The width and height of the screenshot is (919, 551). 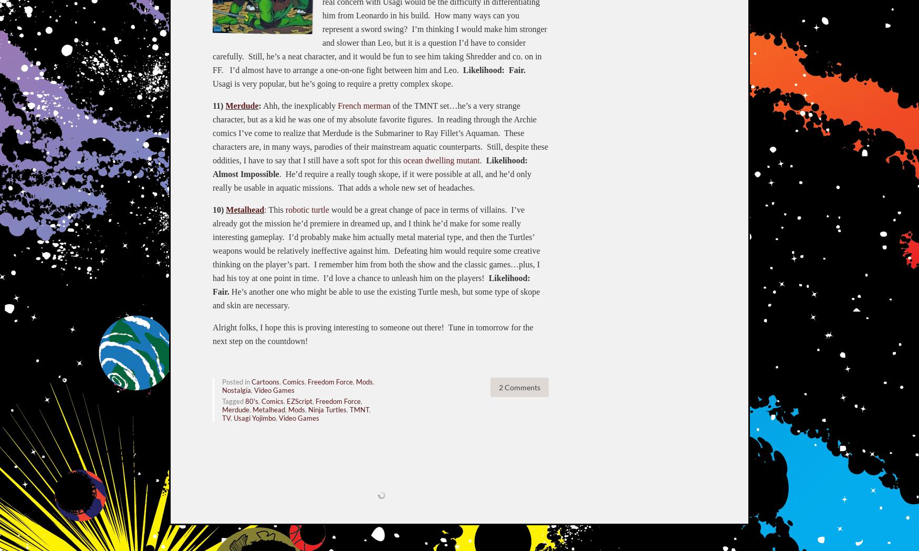 What do you see at coordinates (376, 297) in the screenshot?
I see `'He’s another one who might be able to use the existing Turtle mesh, but some type of skope and skin are necessary.'` at bounding box center [376, 297].